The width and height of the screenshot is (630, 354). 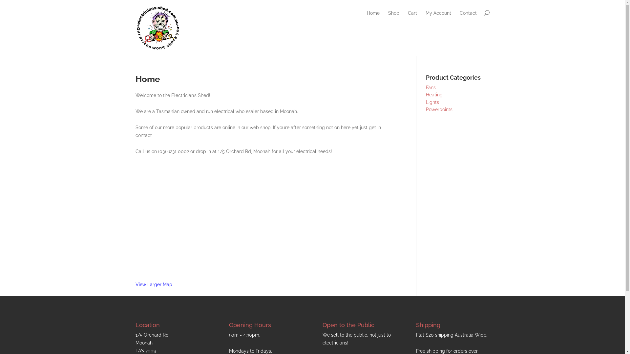 What do you see at coordinates (439, 109) in the screenshot?
I see `'Powerpoints'` at bounding box center [439, 109].